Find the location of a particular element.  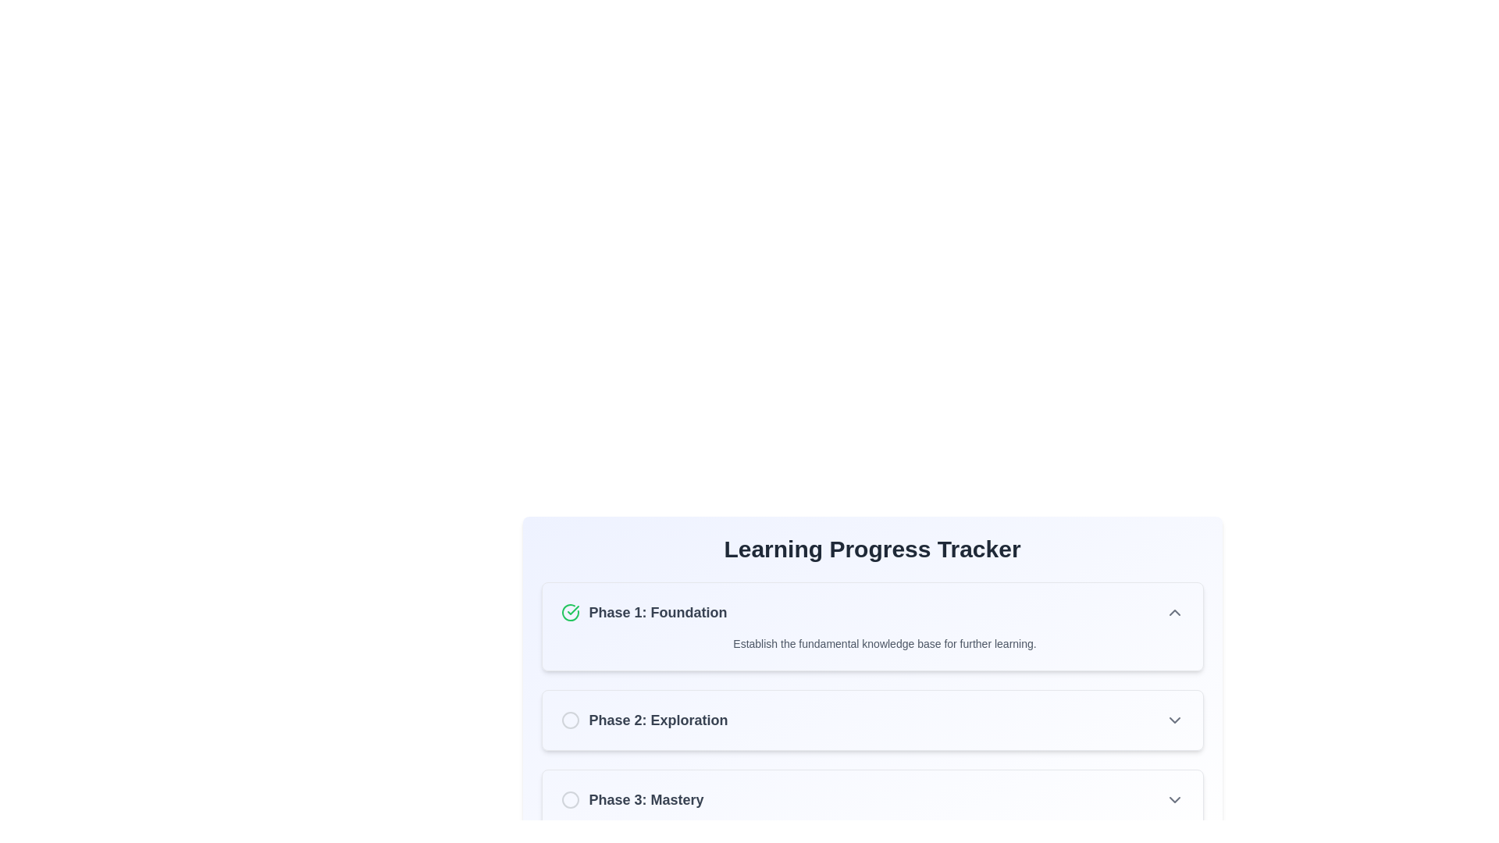

the downward-pointing chevron icon located at the far-right of the row labeled 'Phase 2: Exploration' is located at coordinates (1174, 720).